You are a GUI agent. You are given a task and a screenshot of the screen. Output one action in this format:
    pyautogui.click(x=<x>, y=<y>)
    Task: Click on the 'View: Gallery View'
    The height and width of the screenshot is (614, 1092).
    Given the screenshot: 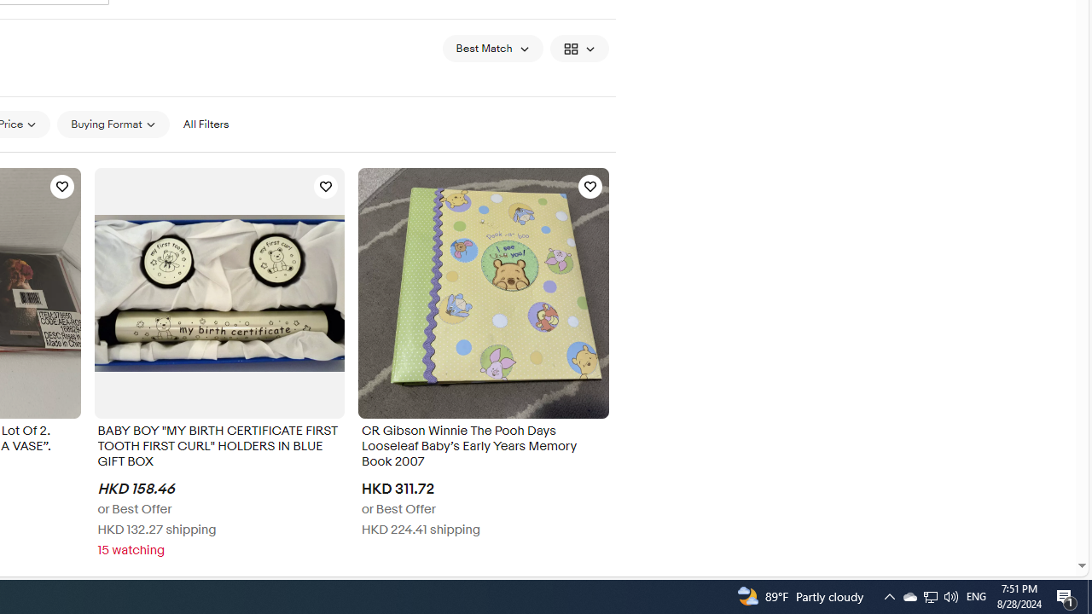 What is the action you would take?
    pyautogui.click(x=579, y=47)
    